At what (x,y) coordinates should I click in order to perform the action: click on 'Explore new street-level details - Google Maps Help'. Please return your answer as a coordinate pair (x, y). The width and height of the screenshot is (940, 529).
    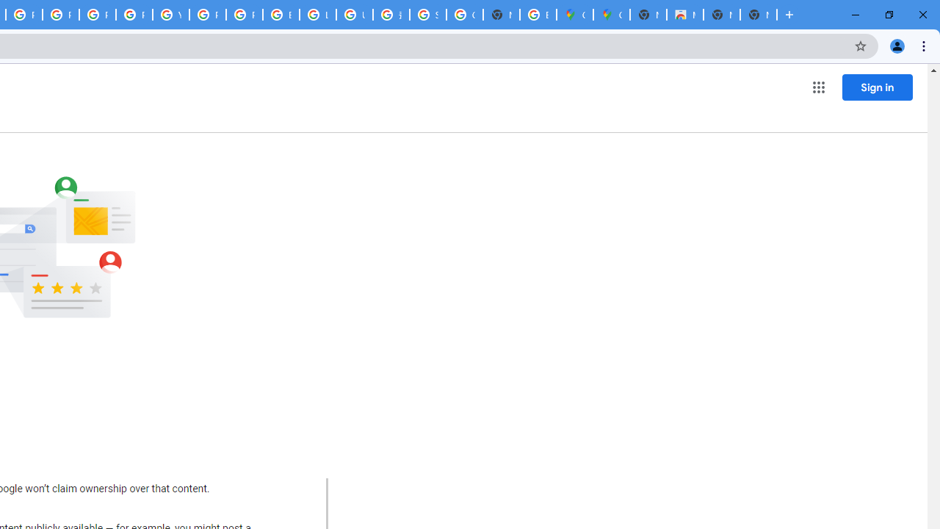
    Looking at the image, I should click on (537, 15).